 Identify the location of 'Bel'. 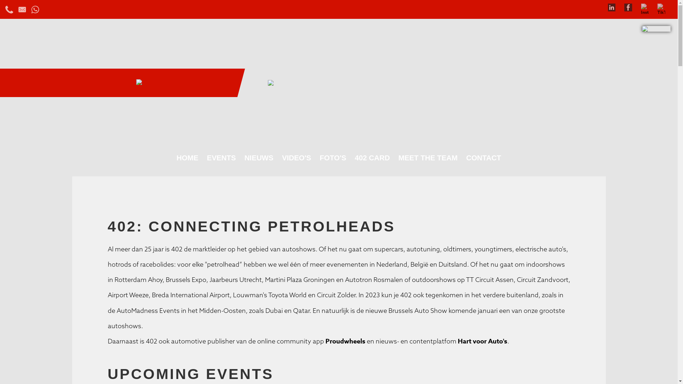
(5, 9).